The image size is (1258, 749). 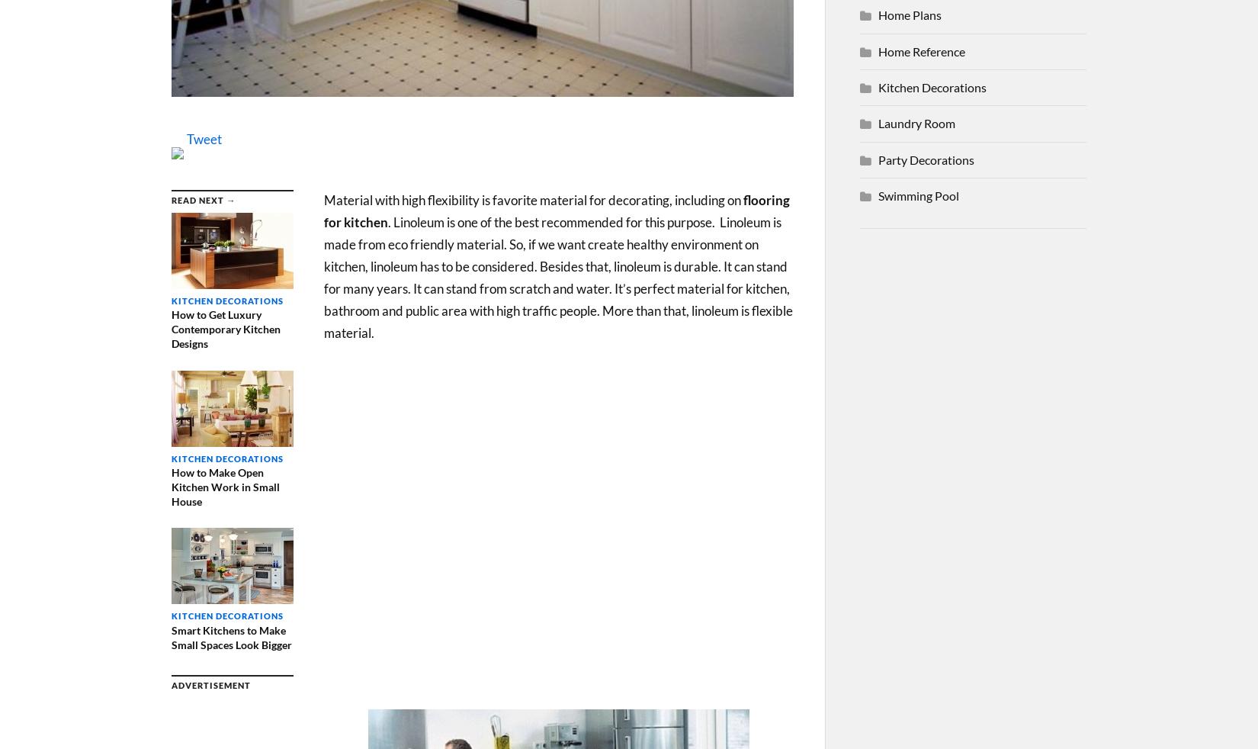 What do you see at coordinates (172, 328) in the screenshot?
I see `'How to Get Luxury Contemporary Kitchen Designs'` at bounding box center [172, 328].